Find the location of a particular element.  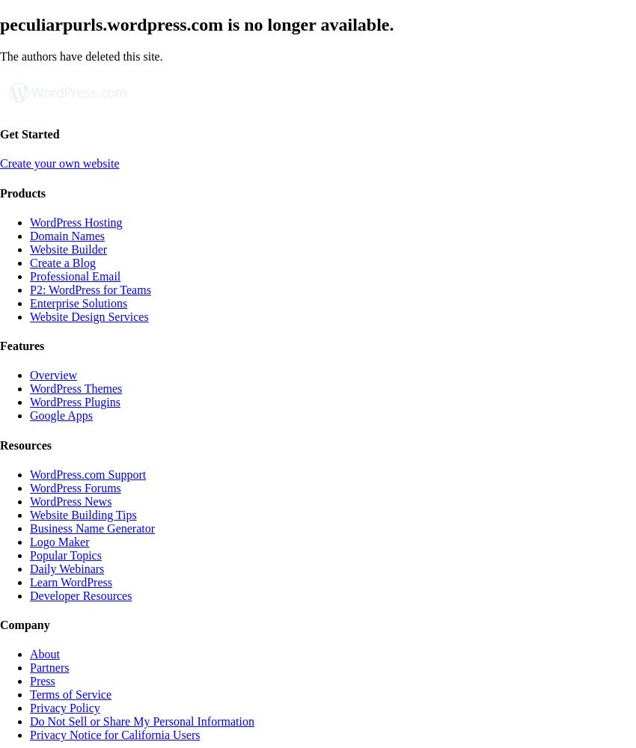

'The authors have deleted this site.' is located at coordinates (80, 55).